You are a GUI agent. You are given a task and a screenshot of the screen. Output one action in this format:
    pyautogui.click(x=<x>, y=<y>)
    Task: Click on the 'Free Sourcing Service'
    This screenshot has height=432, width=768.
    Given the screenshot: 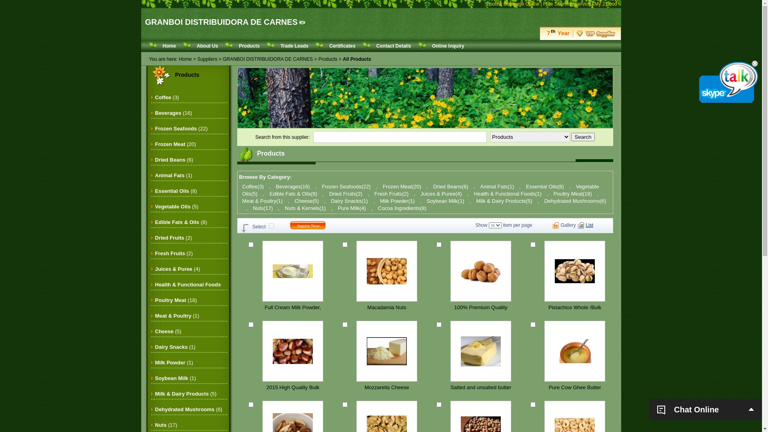 What is the action you would take?
    pyautogui.click(x=543, y=4)
    